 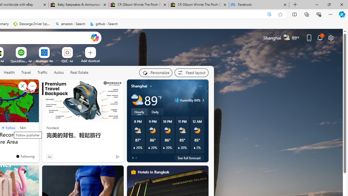 What do you see at coordinates (136, 158) in the screenshot?
I see `'tab-1'` at bounding box center [136, 158].